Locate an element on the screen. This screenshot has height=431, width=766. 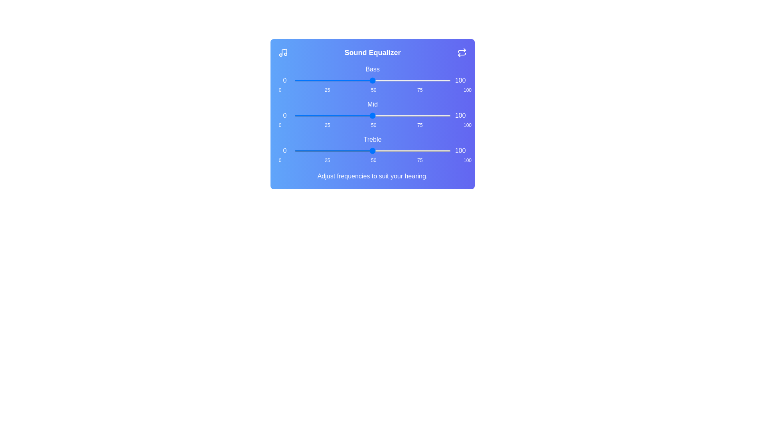
the bass slider to 84% is located at coordinates (425, 80).